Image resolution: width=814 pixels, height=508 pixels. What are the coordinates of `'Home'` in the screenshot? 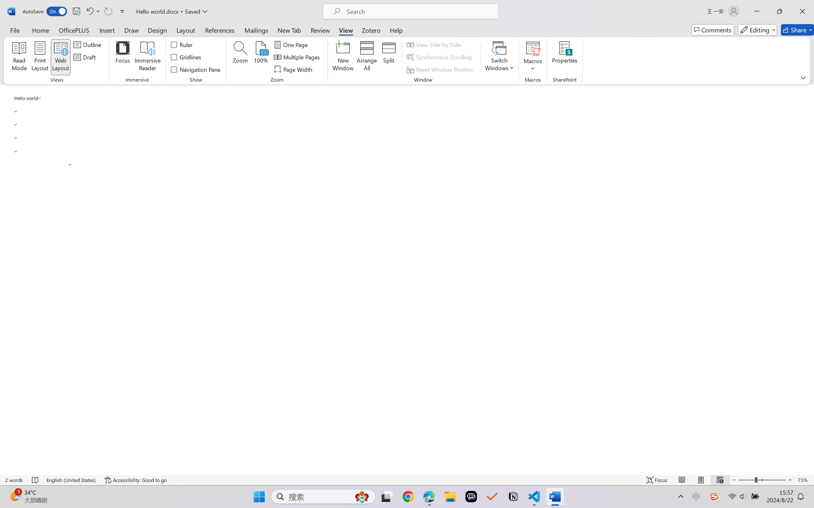 It's located at (41, 30).